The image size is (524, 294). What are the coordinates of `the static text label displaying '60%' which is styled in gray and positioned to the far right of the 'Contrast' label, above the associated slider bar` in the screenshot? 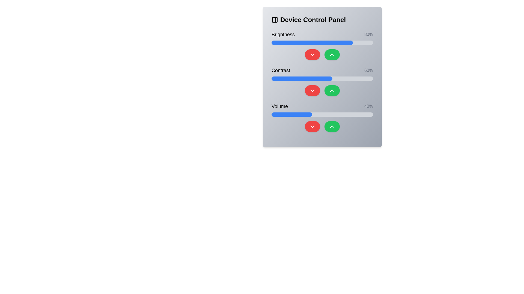 It's located at (368, 70).